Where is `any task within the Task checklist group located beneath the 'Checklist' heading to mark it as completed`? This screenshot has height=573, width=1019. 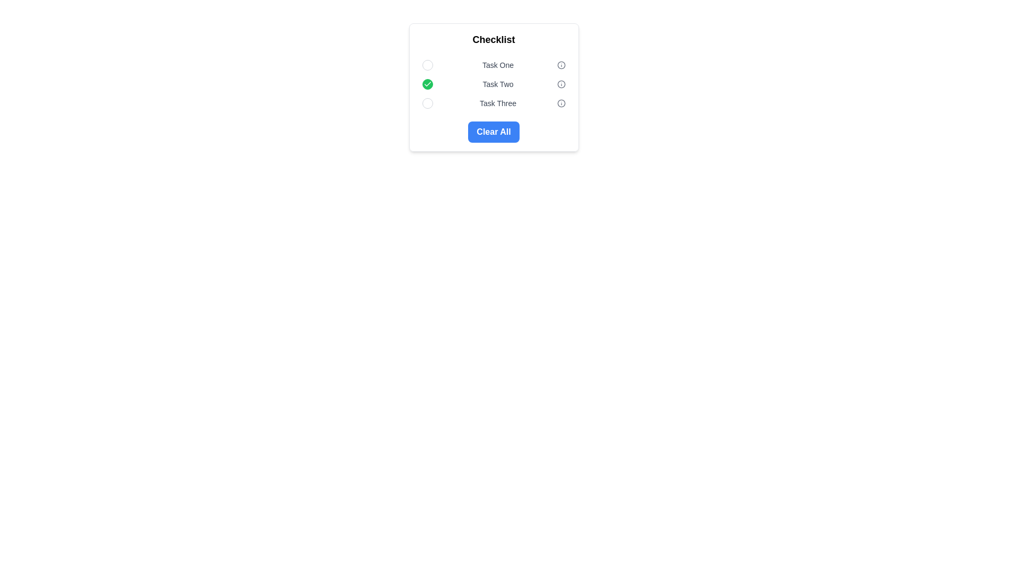
any task within the Task checklist group located beneath the 'Checklist' heading to mark it as completed is located at coordinates (493, 83).